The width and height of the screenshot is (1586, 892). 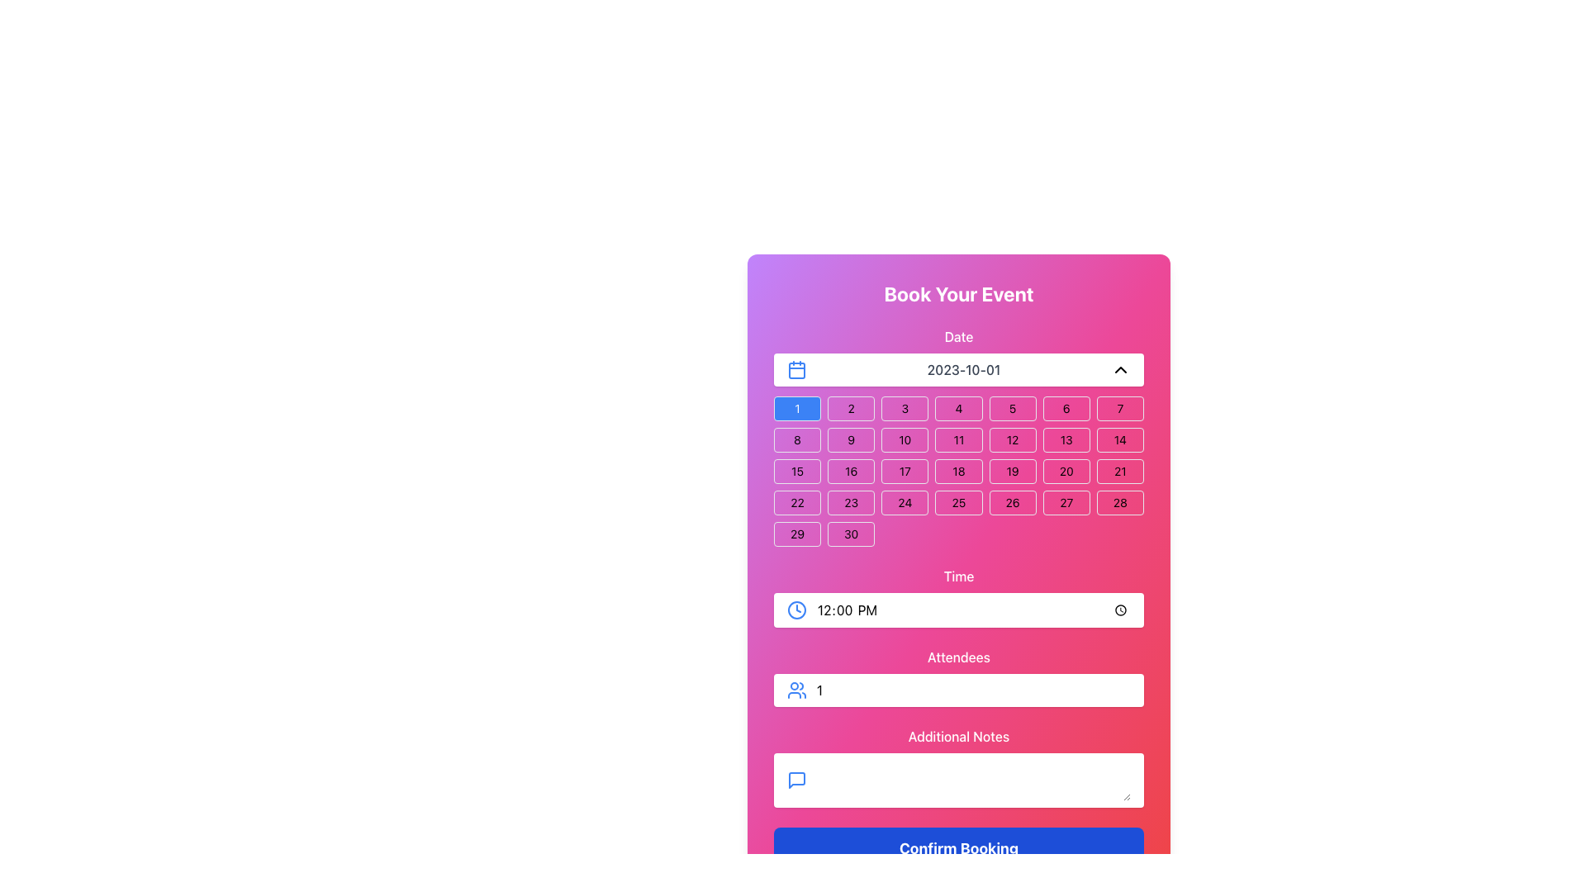 What do you see at coordinates (959, 610) in the screenshot?
I see `the Time input field located in the 'Time' section below the 'Date' section to focus the input` at bounding box center [959, 610].